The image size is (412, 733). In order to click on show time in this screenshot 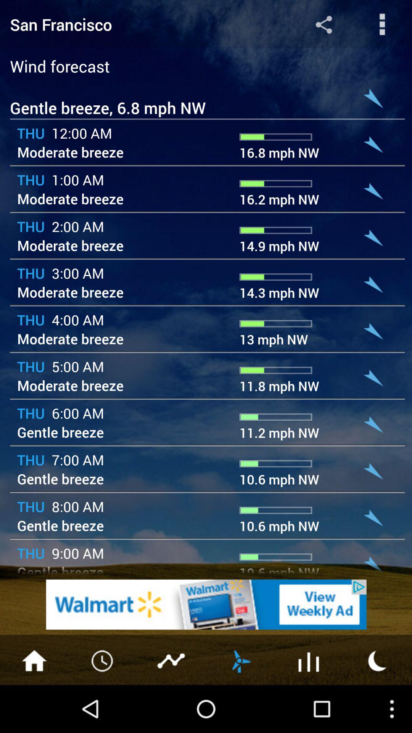, I will do `click(103, 660)`.